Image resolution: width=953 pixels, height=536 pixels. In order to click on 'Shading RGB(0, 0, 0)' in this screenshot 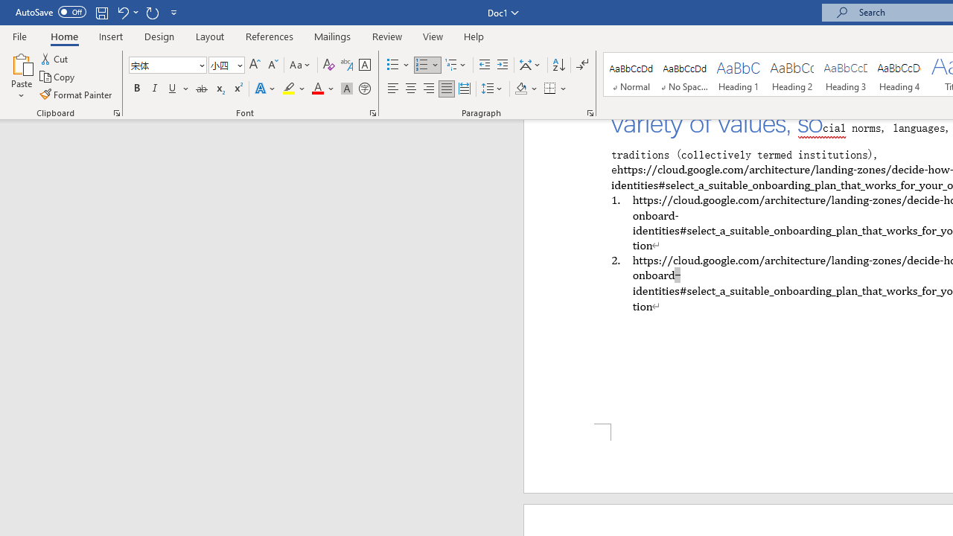, I will do `click(520, 89)`.